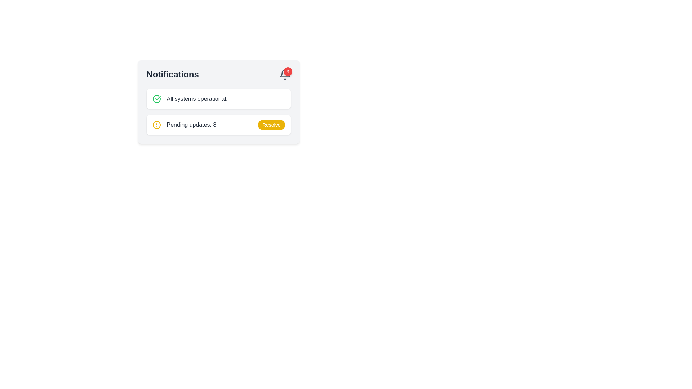 Image resolution: width=692 pixels, height=389 pixels. What do you see at coordinates (156, 125) in the screenshot?
I see `the circular yellow outlined icon with an exclamation mark, located in the notification section to the left of the 'Pending updates: 8' description` at bounding box center [156, 125].